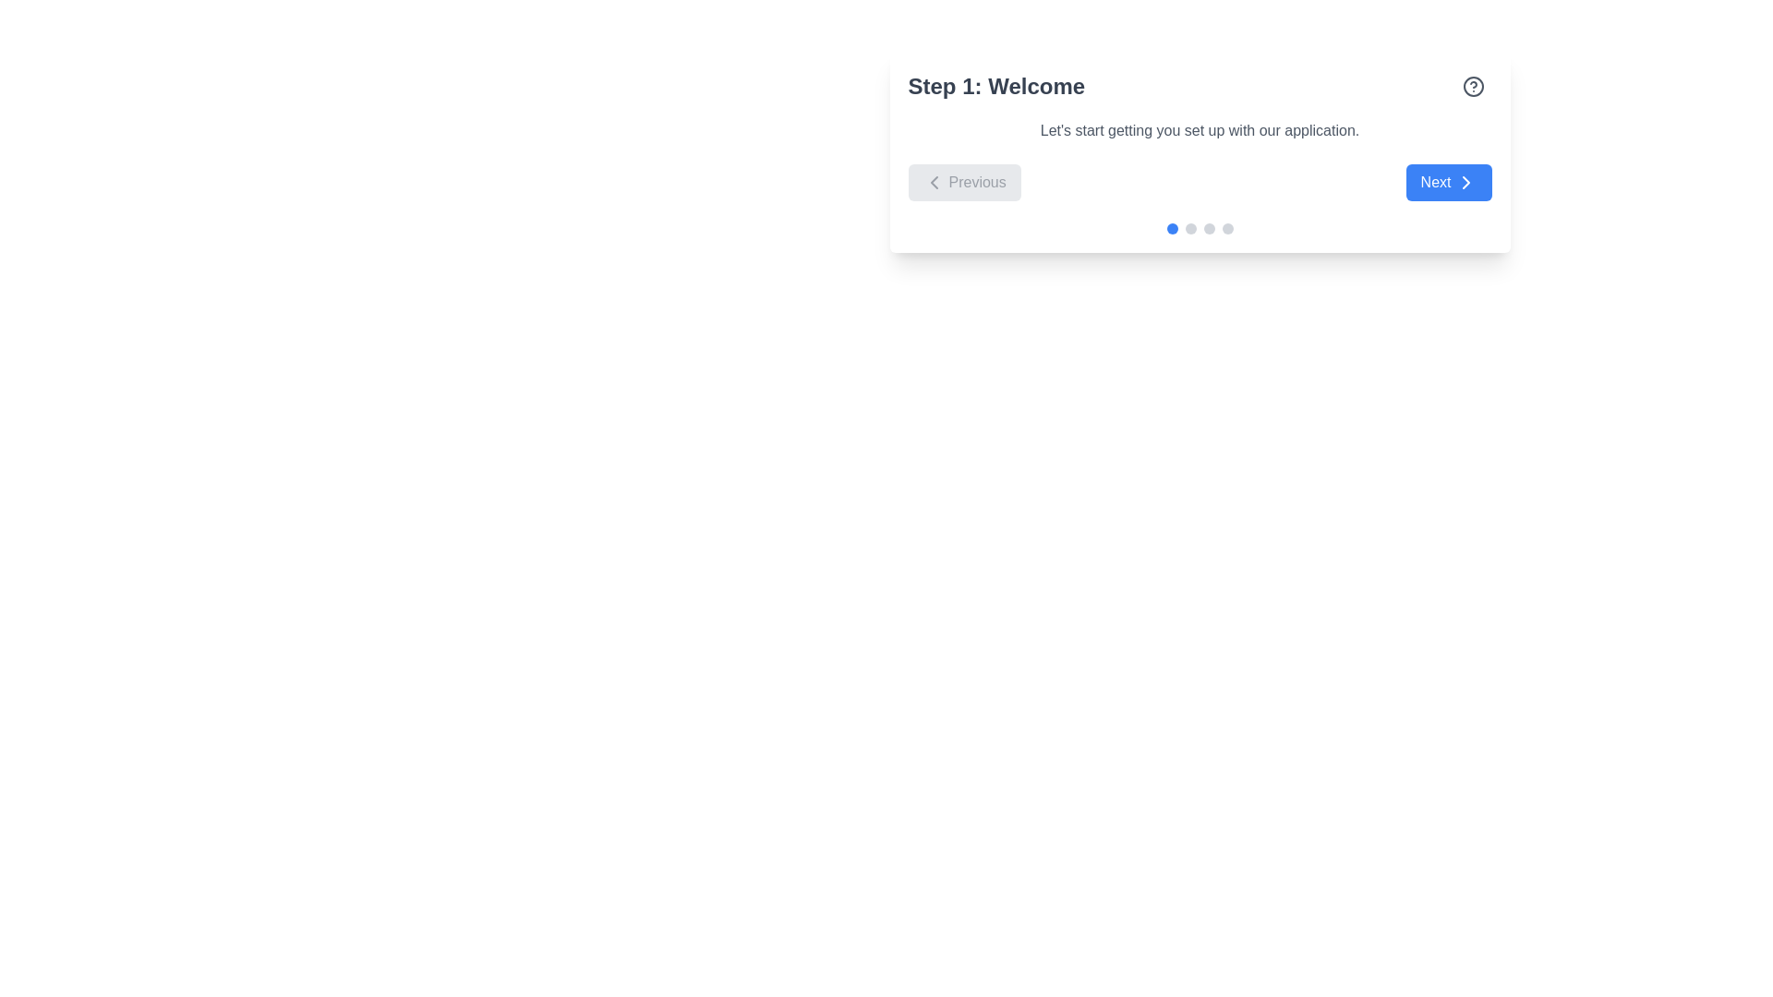 The width and height of the screenshot is (1773, 997). I want to click on the left arrow icon located at the very left of the 'Previous' button to navigate to the previous item in the sequence, so click(934, 182).